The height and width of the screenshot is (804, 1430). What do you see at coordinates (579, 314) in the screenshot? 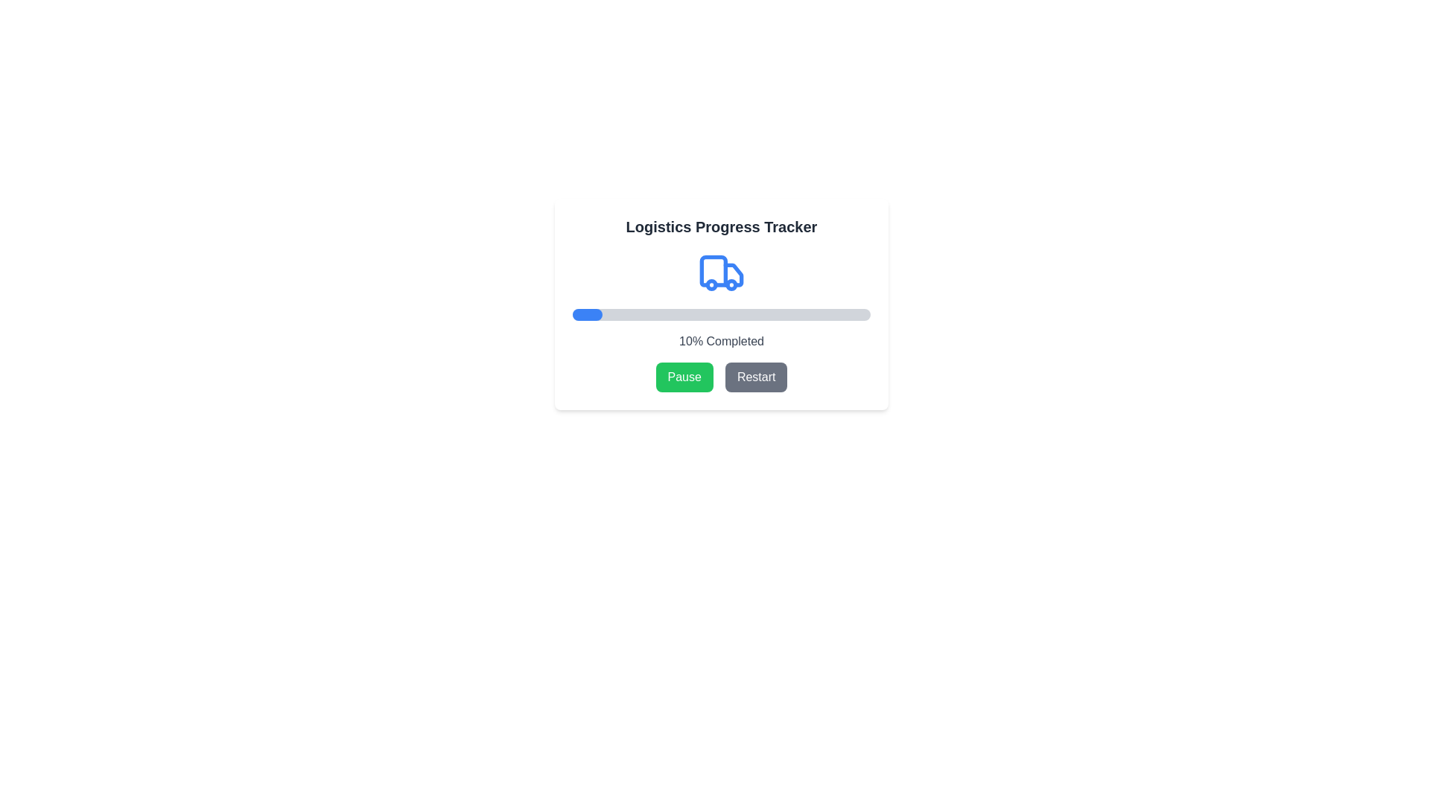
I see `the progress indicator segment located at the far left of the progress bar beneath the 'Logistics Progress Tracker' heading` at bounding box center [579, 314].